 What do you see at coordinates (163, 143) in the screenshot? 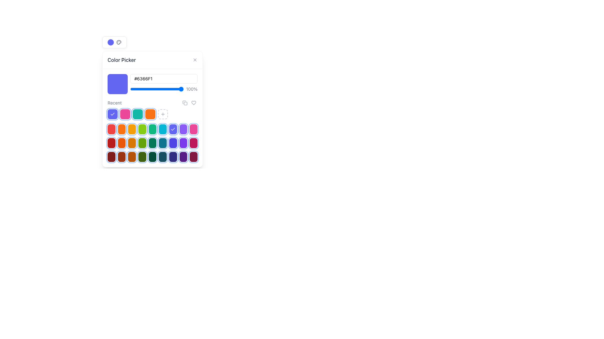
I see `the small, square blue-green button in the third row and sixth column of the 'Color Picker' grid` at bounding box center [163, 143].